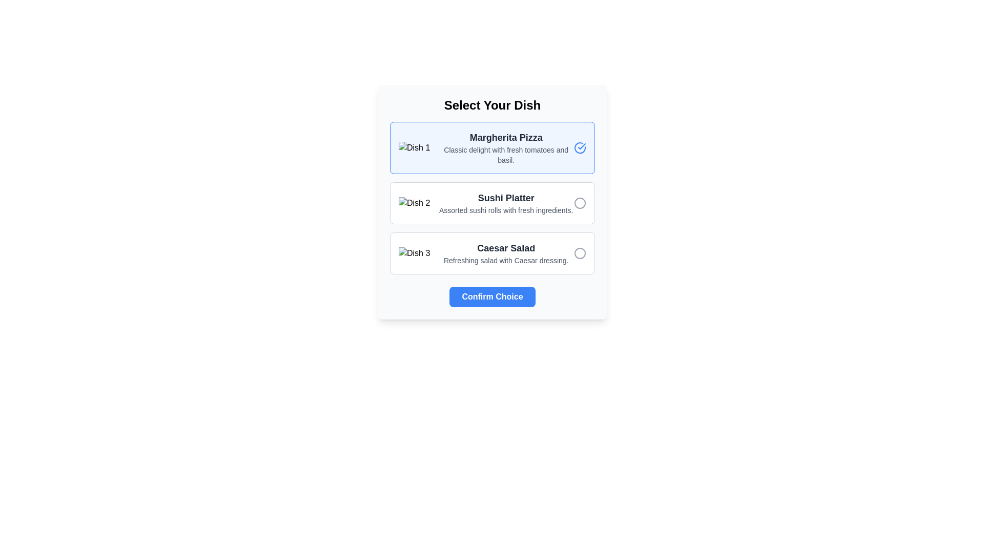 The image size is (984, 553). I want to click on the 'Confirm Choice' button, so click(492, 296).